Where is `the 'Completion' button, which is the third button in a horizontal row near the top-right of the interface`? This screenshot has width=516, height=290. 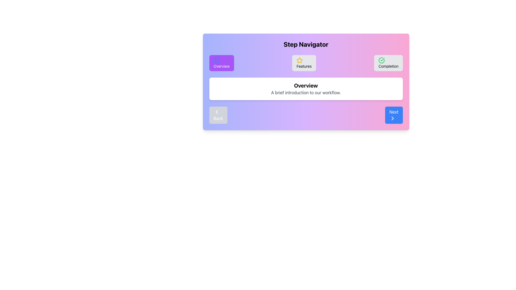
the 'Completion' button, which is the third button in a horizontal row near the top-right of the interface is located at coordinates (388, 63).